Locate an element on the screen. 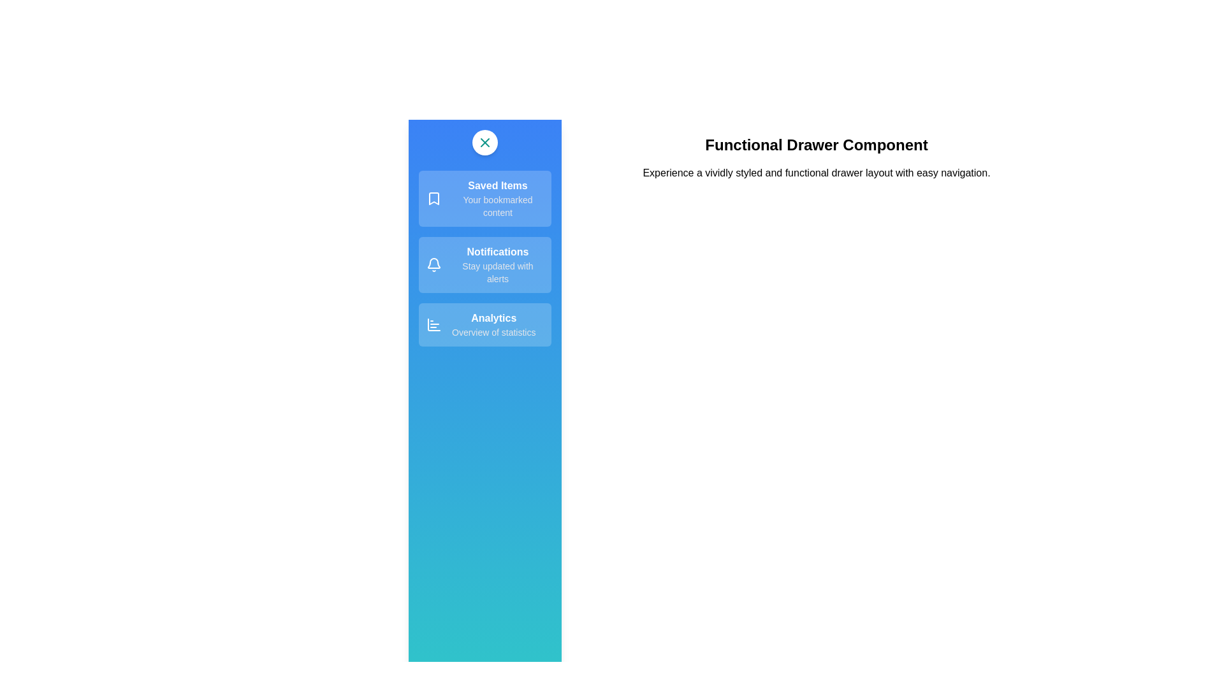  the 'Notifications' section to select it is located at coordinates (484, 264).